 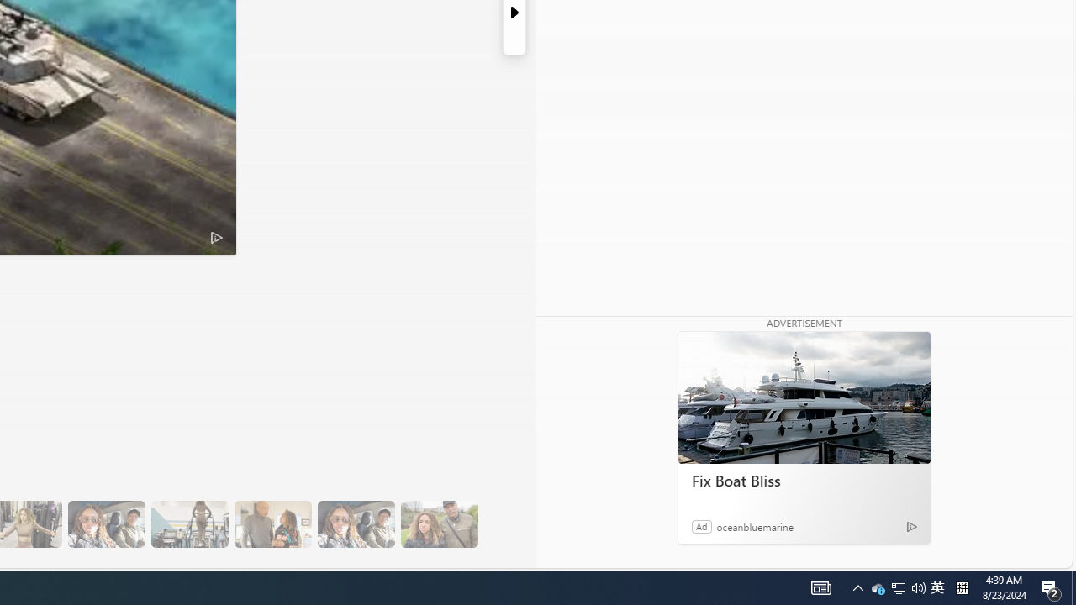 I want to click on '20 Overall, It Will Improve Your Health', so click(x=439, y=523).